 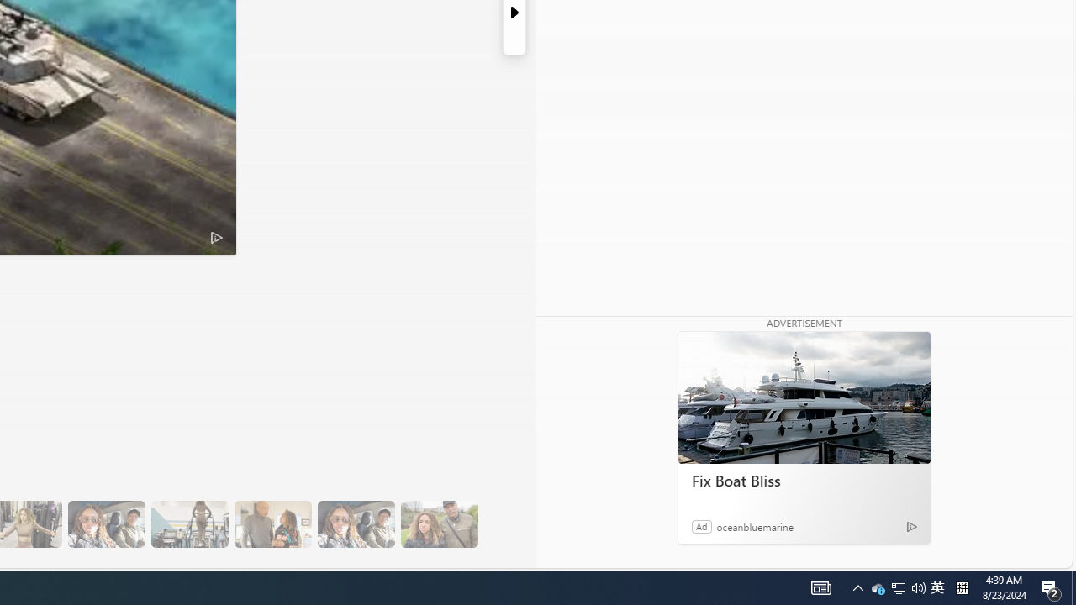 I want to click on '20 Overall, It Will Improve Your Health', so click(x=439, y=523).